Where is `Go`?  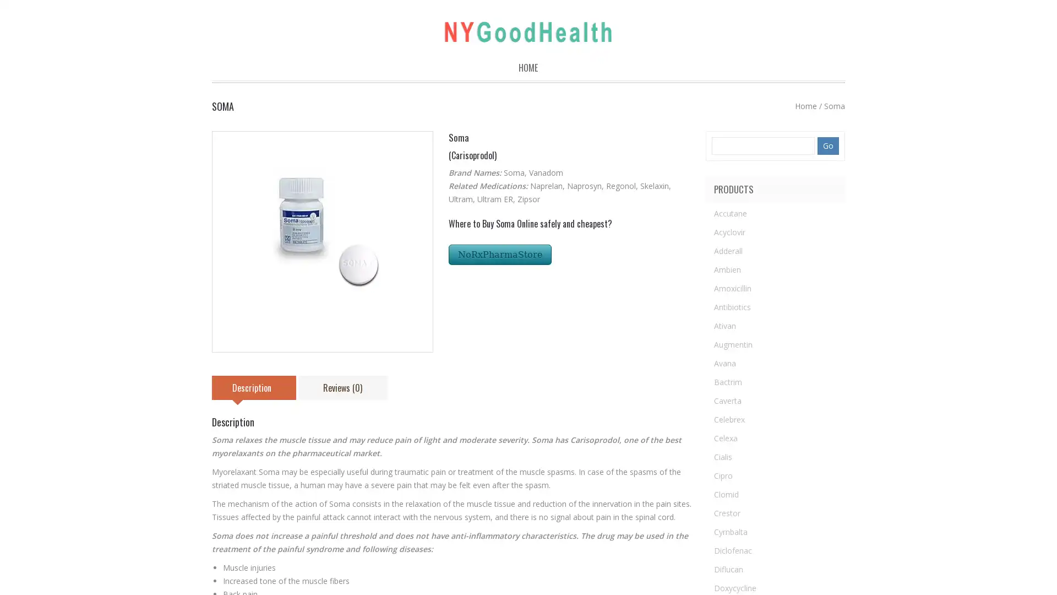 Go is located at coordinates (828, 145).